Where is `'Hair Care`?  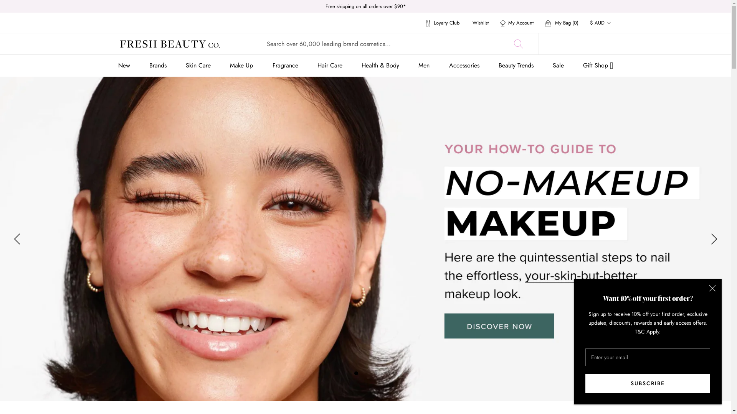
'Hair Care is located at coordinates (330, 65).